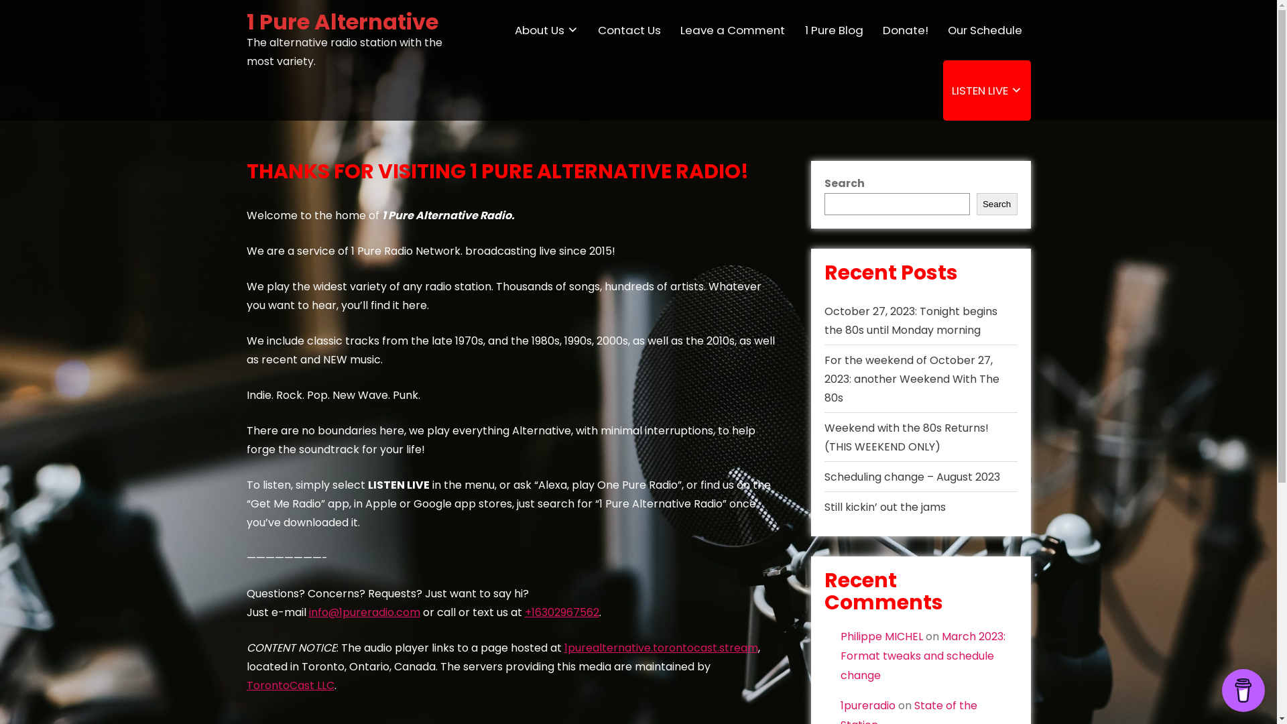 Image resolution: width=1287 pixels, height=724 pixels. Describe the element at coordinates (905, 30) in the screenshot. I see `'Donate!'` at that location.